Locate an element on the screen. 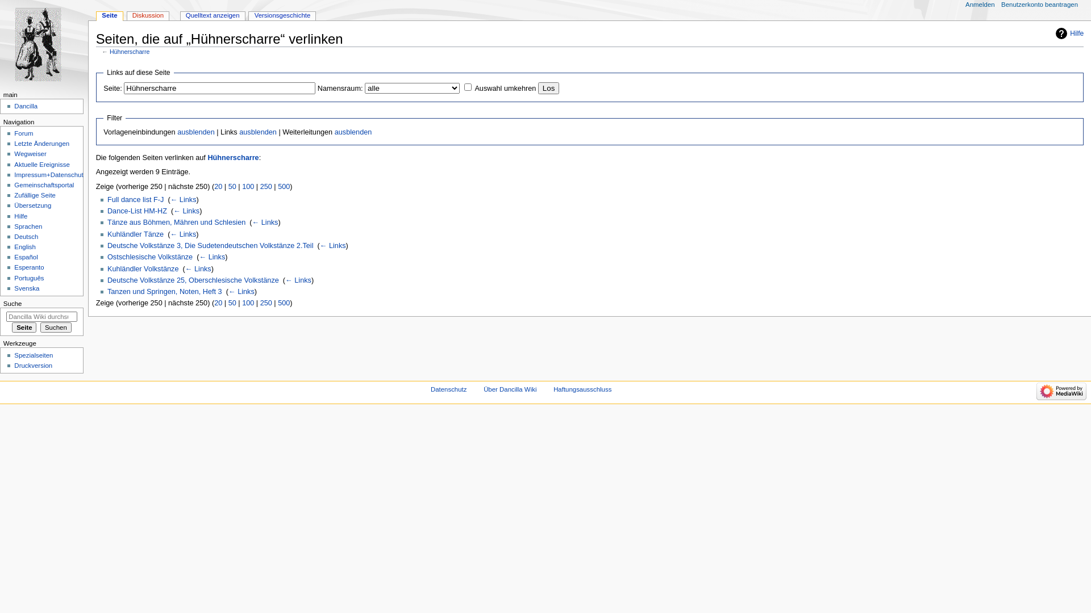  'Dancilla' is located at coordinates (26, 106).